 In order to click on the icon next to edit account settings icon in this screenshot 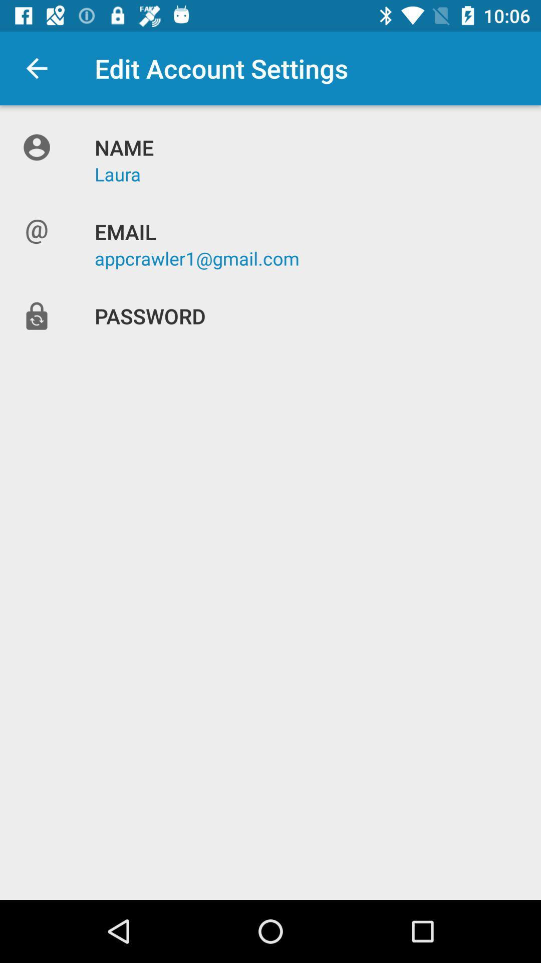, I will do `click(36, 68)`.